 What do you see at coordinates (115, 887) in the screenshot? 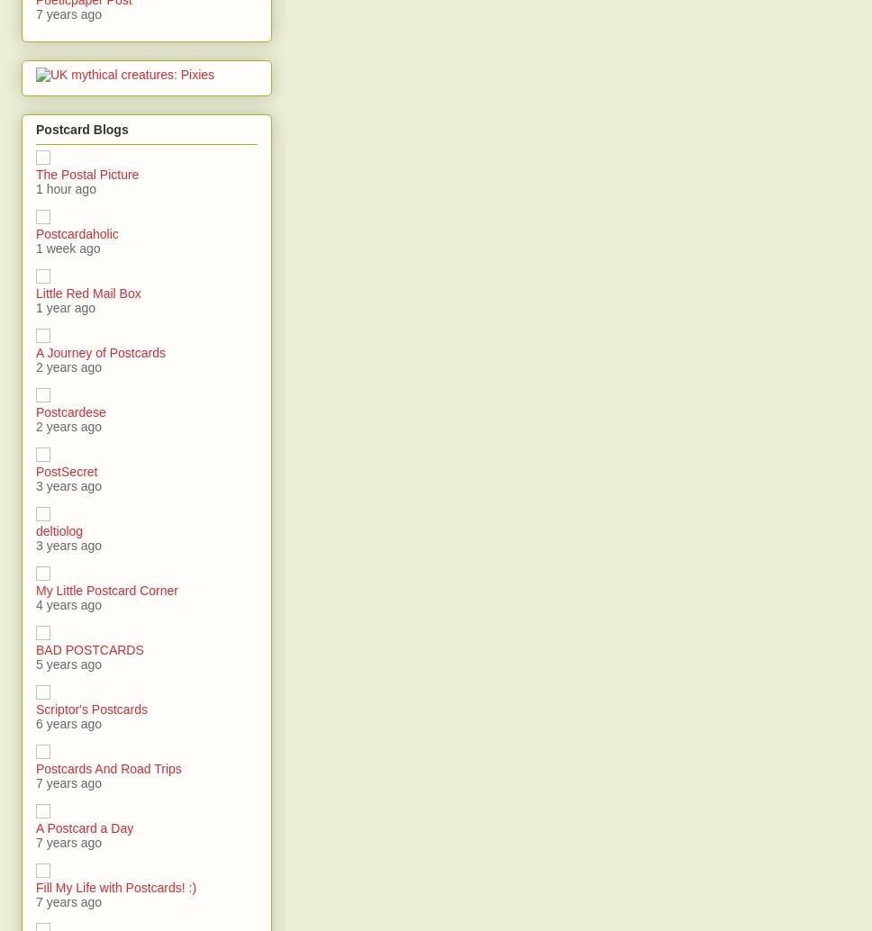
I see `'Fill My Life with Postcards! :)'` at bounding box center [115, 887].